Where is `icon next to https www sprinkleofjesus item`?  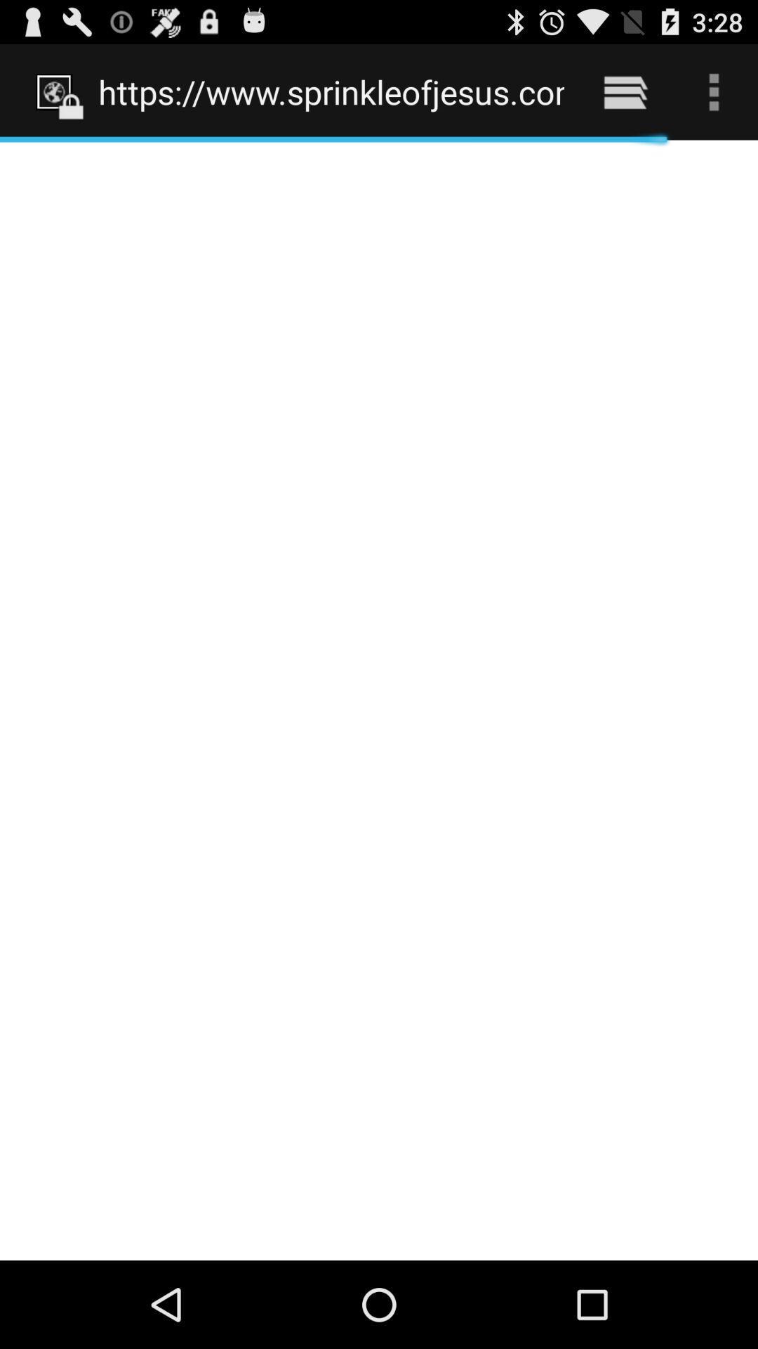
icon next to https www sprinkleofjesus item is located at coordinates (625, 91).